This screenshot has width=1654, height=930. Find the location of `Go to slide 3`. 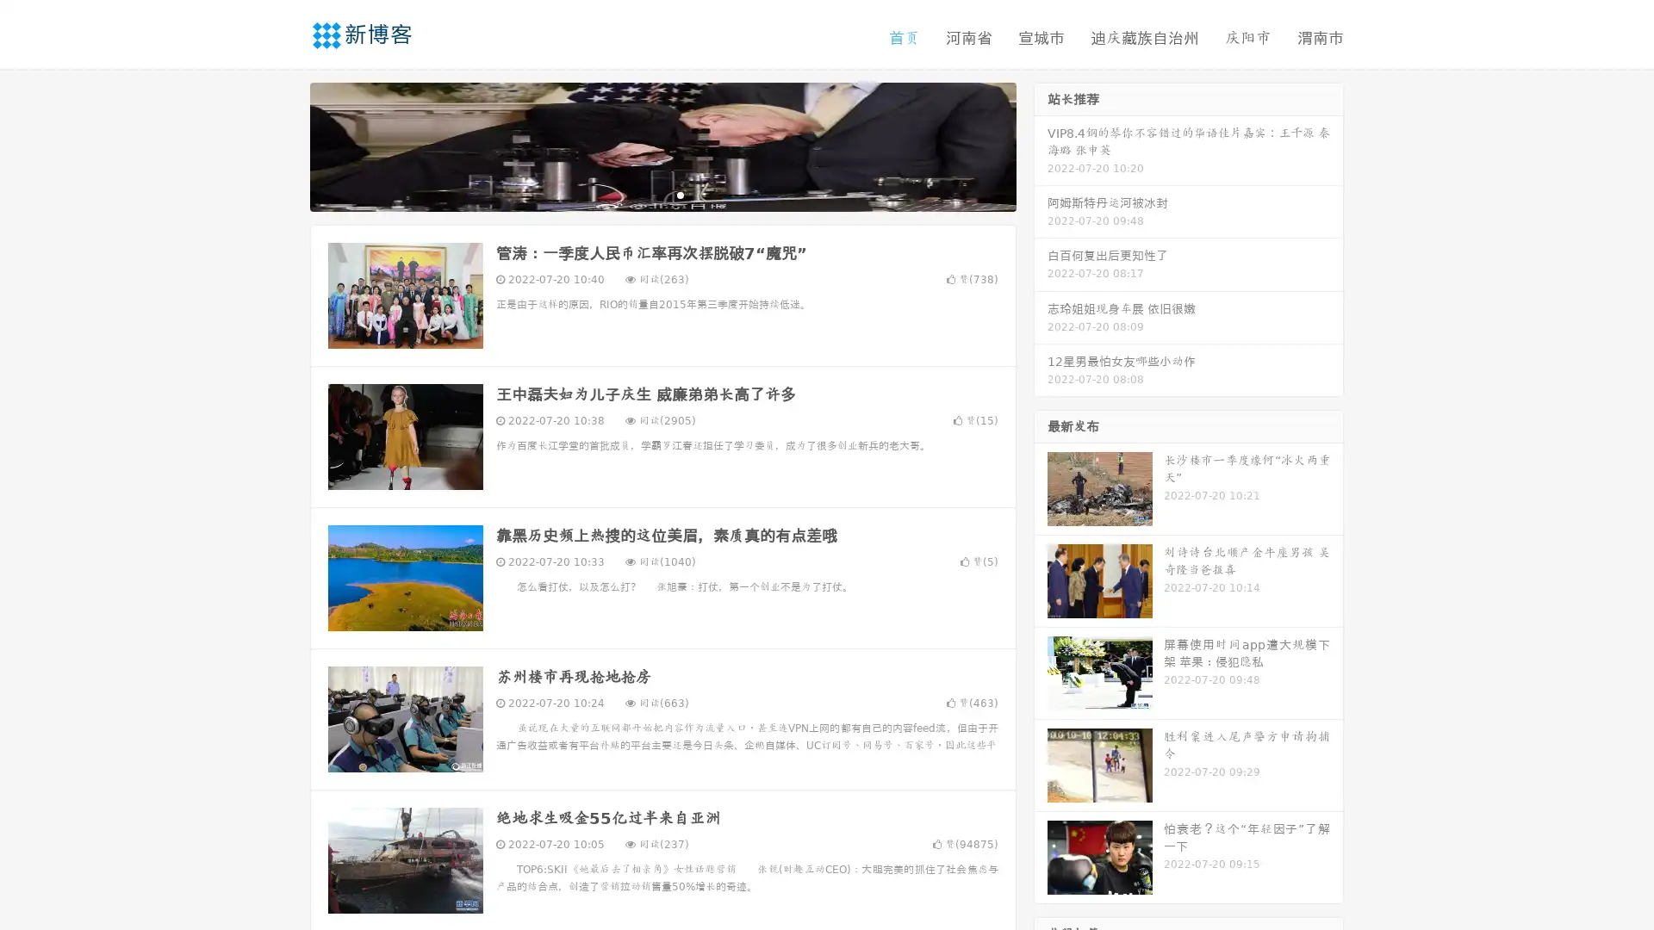

Go to slide 3 is located at coordinates (680, 194).